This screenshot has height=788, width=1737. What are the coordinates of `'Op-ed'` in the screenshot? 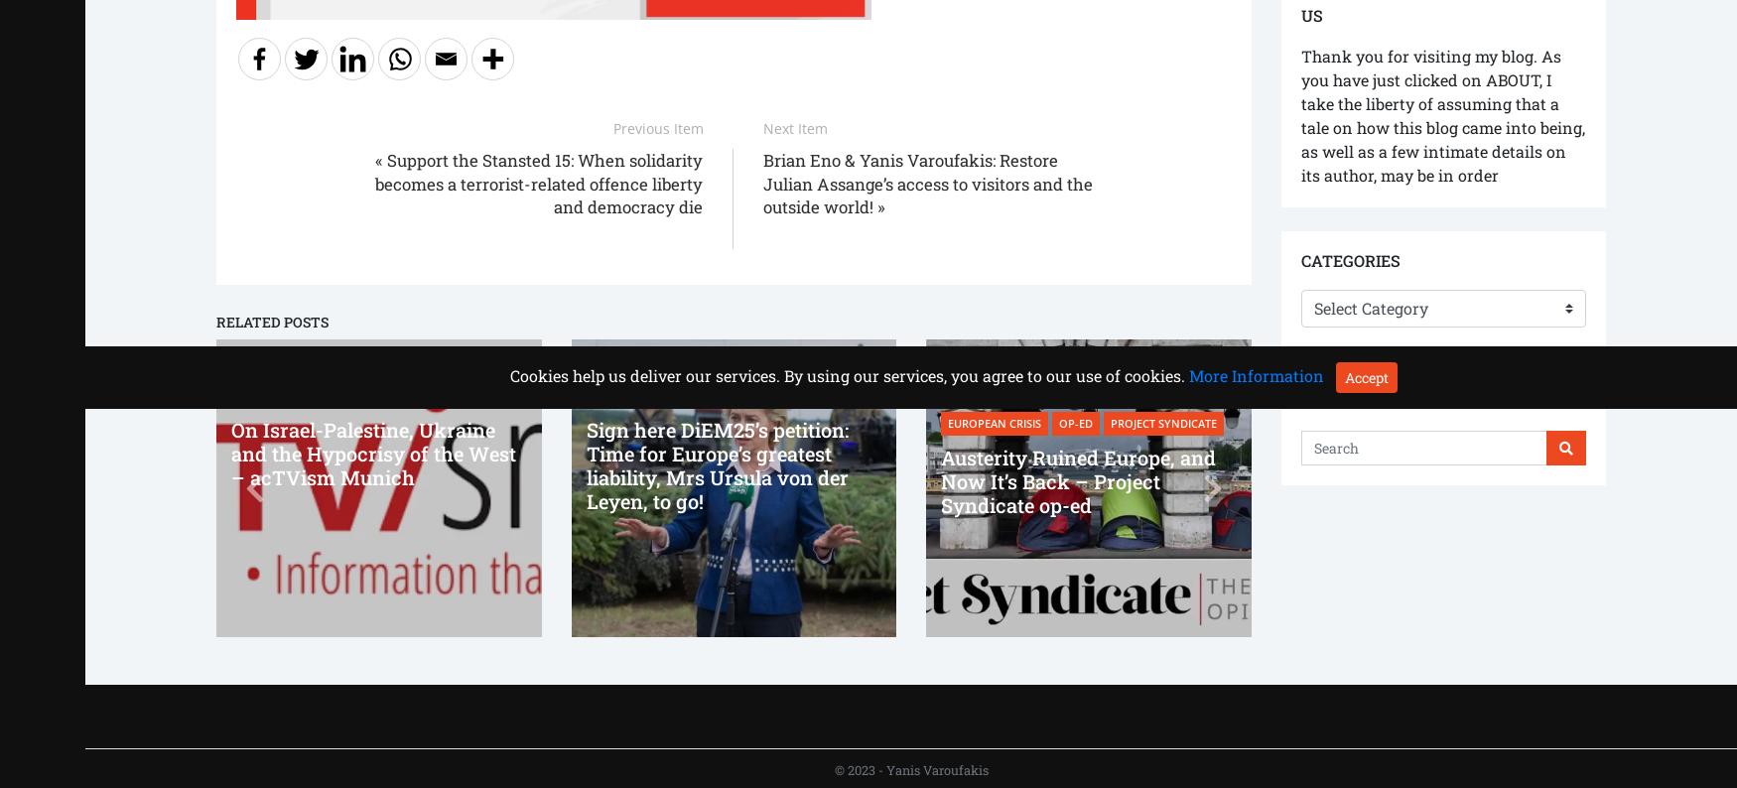 It's located at (1075, 422).